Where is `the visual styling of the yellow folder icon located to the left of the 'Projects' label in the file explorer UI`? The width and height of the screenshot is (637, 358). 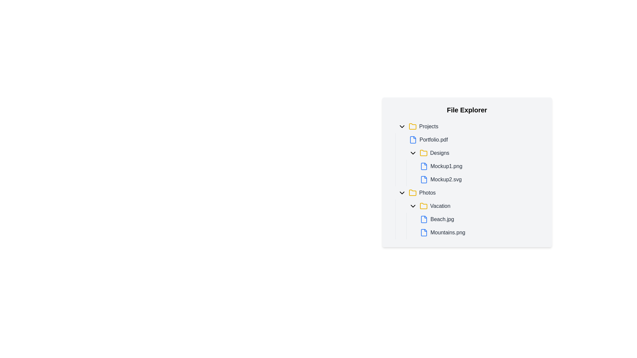
the visual styling of the yellow folder icon located to the left of the 'Projects' label in the file explorer UI is located at coordinates (412, 126).